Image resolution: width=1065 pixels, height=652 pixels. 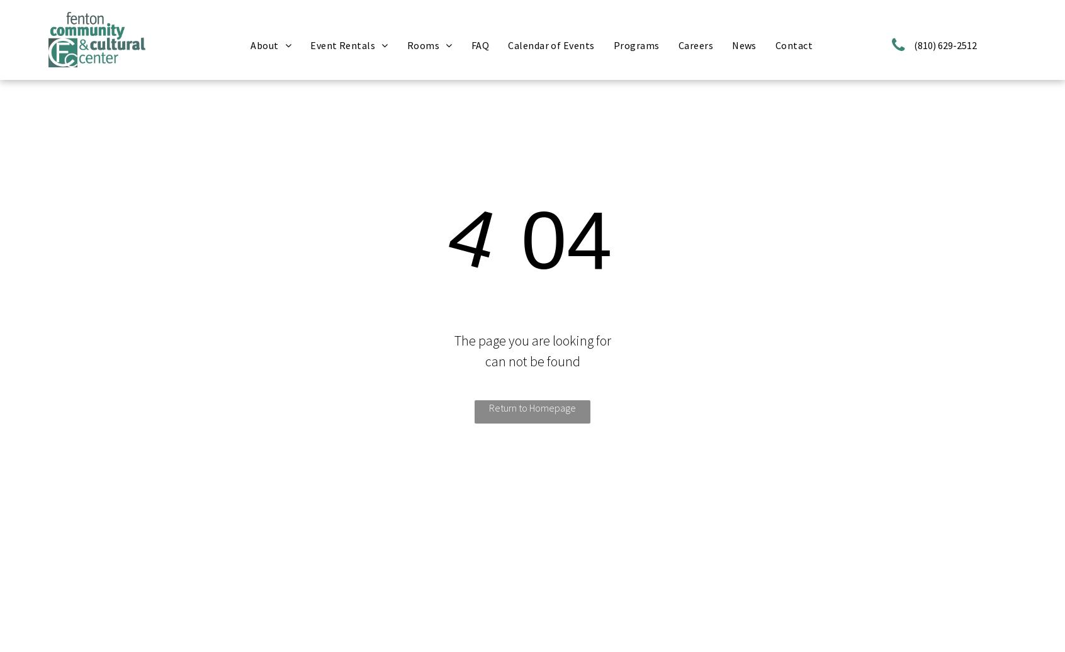 What do you see at coordinates (440, 64) in the screenshot?
I see `'Club Room'` at bounding box center [440, 64].